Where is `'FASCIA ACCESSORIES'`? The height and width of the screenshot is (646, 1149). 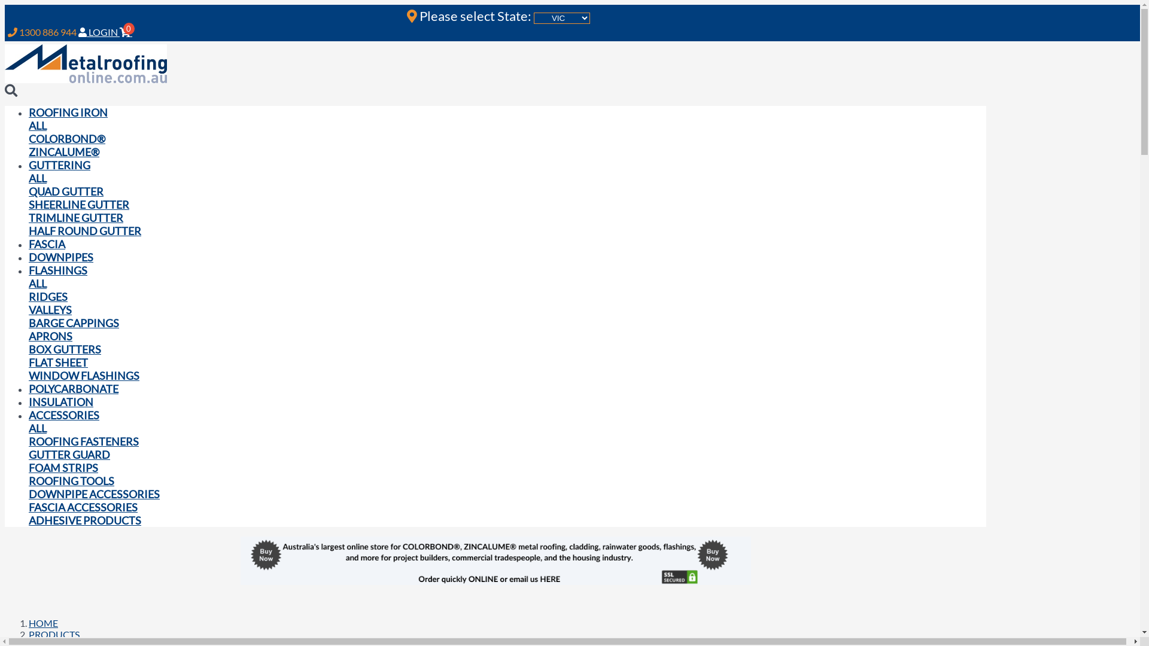
'FASCIA ACCESSORIES' is located at coordinates (29, 507).